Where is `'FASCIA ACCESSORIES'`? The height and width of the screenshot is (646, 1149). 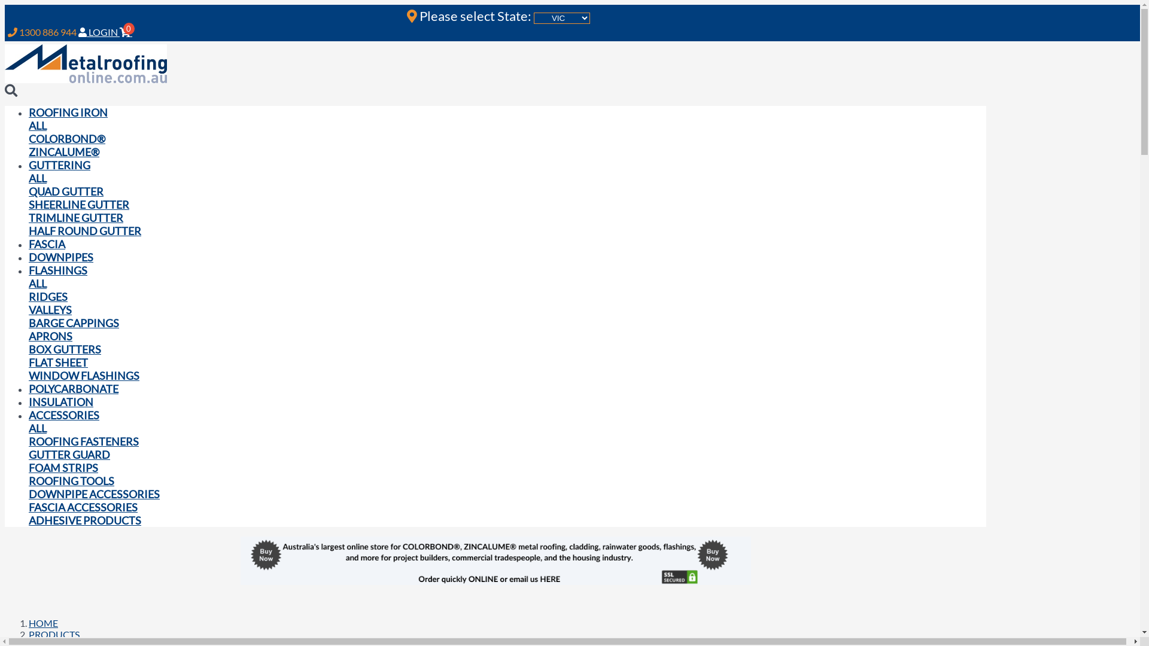
'FASCIA ACCESSORIES' is located at coordinates (29, 507).